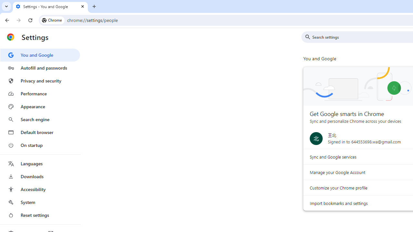  I want to click on 'Privacy and security', so click(40, 80).